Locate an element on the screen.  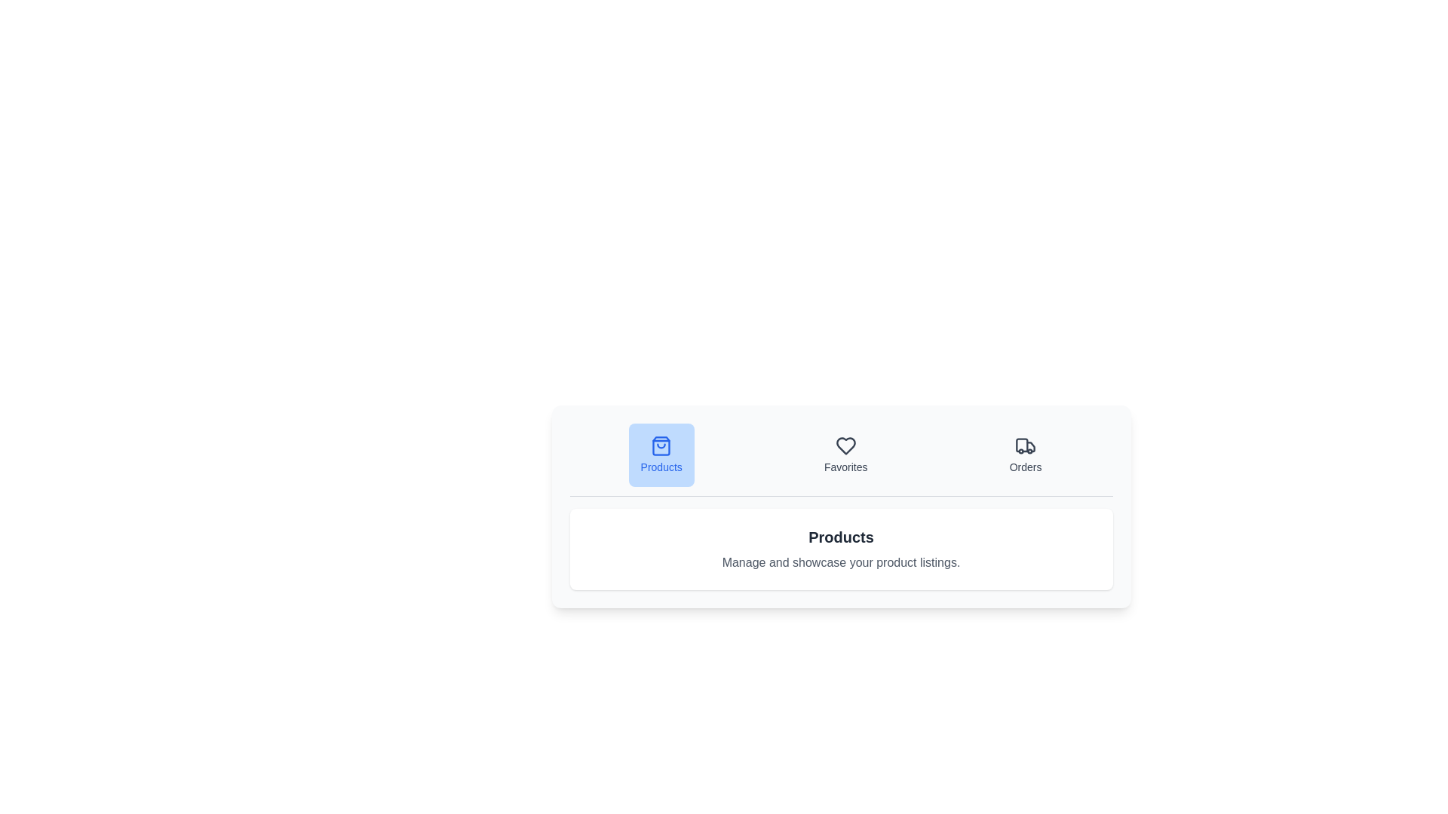
the Favorites tab by clicking its button is located at coordinates (846, 454).